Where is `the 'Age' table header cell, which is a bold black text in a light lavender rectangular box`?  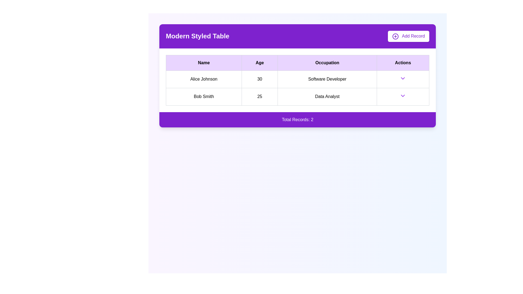 the 'Age' table header cell, which is a bold black text in a light lavender rectangular box is located at coordinates (259, 62).